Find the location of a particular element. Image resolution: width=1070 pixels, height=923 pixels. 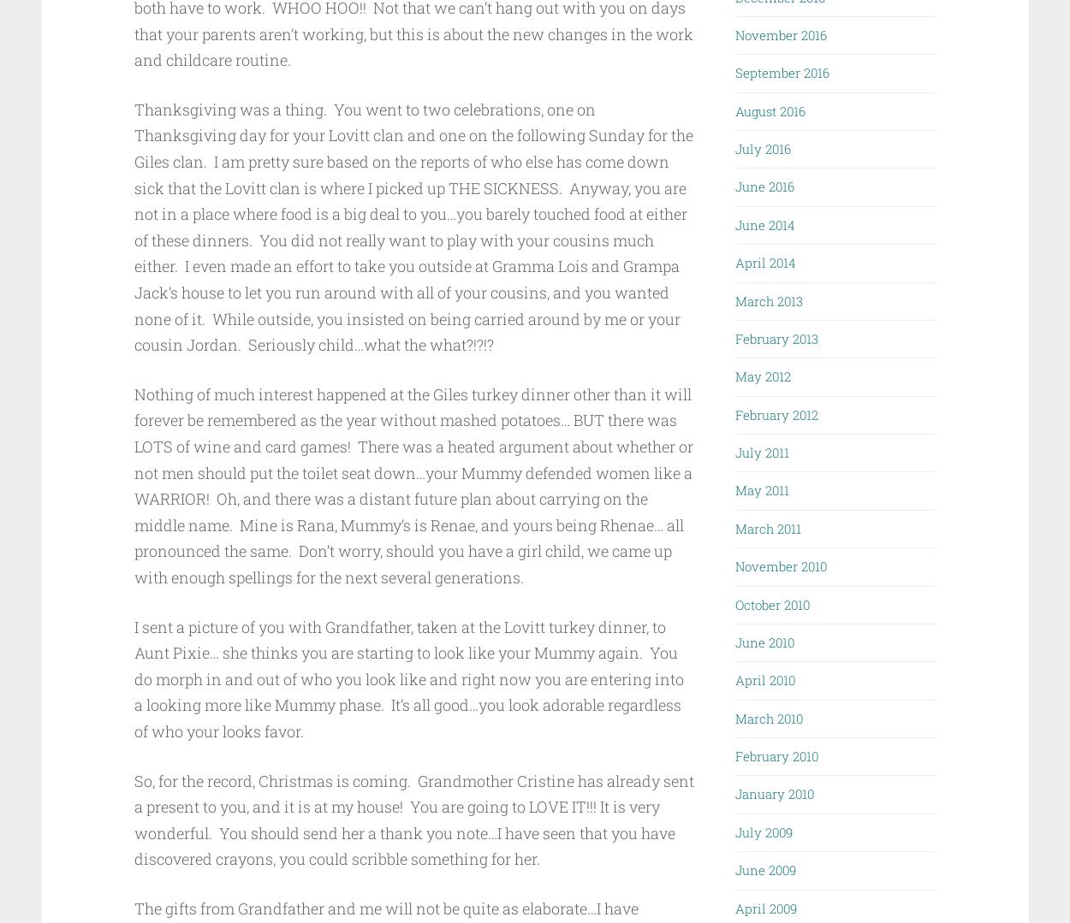

'October 2010' is located at coordinates (772, 603).